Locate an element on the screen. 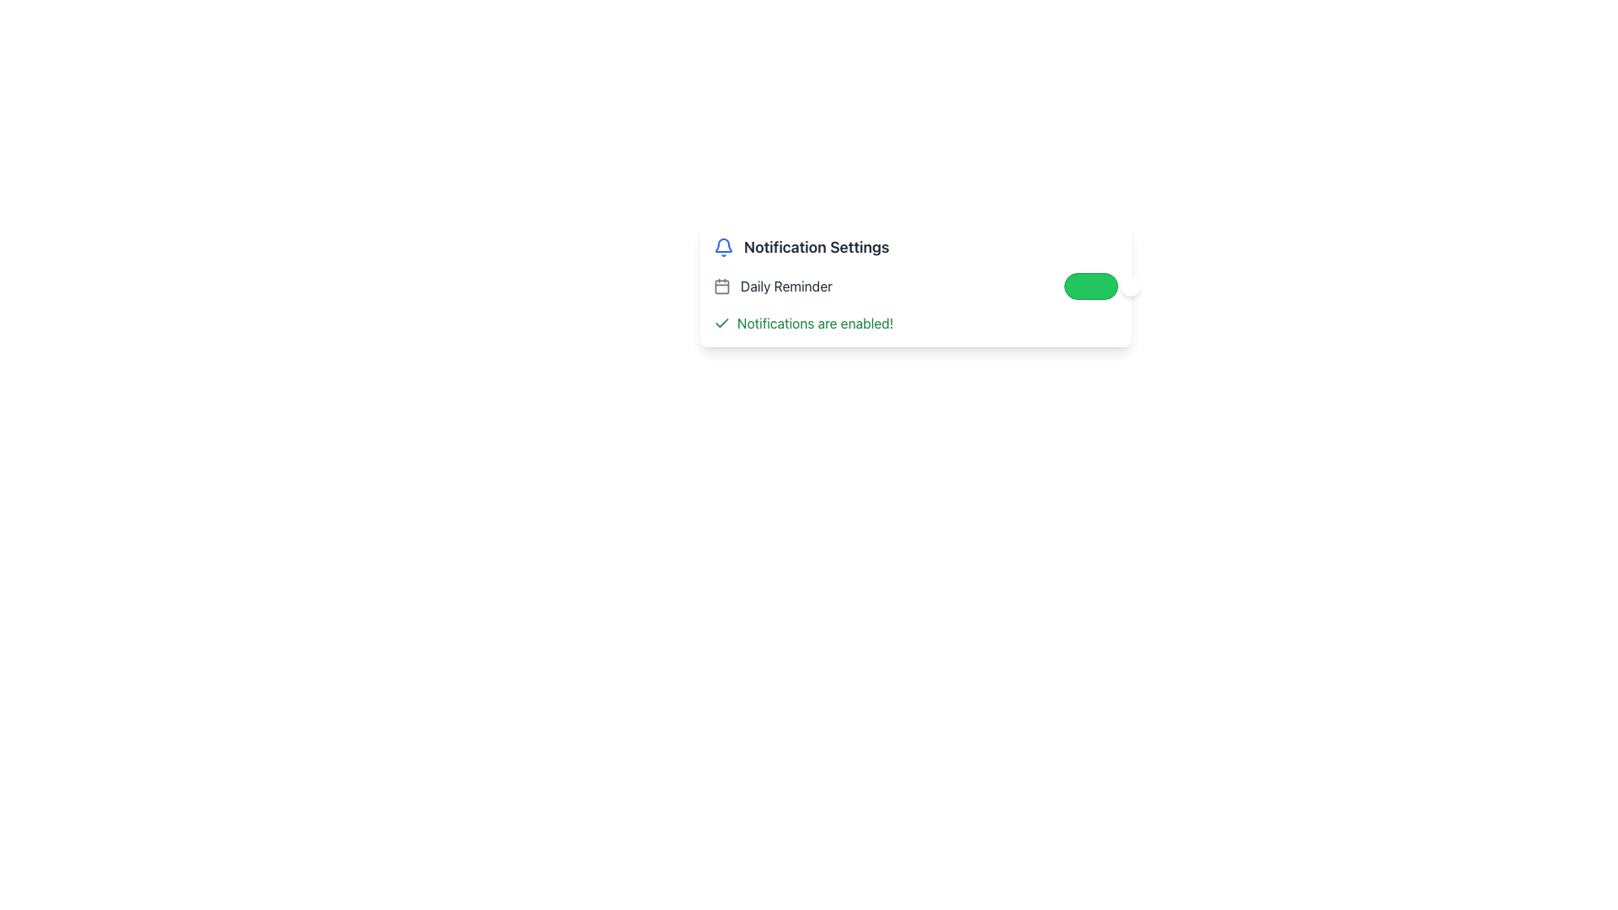 This screenshot has height=910, width=1618. the bell icon that symbolizes notification settings, located at the top-left corner of the 'Notification Settings' section is located at coordinates (724, 247).